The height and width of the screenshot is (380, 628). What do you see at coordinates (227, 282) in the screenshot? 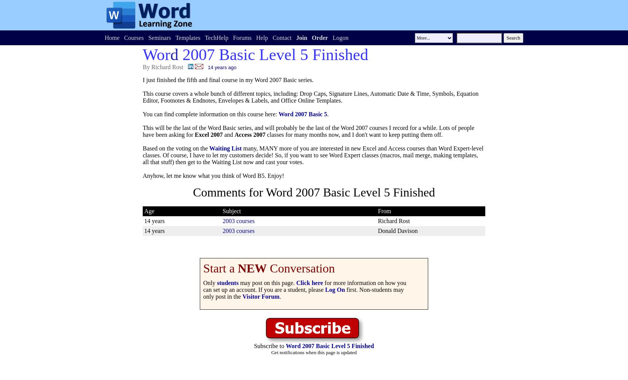
I see `'students'` at bounding box center [227, 282].